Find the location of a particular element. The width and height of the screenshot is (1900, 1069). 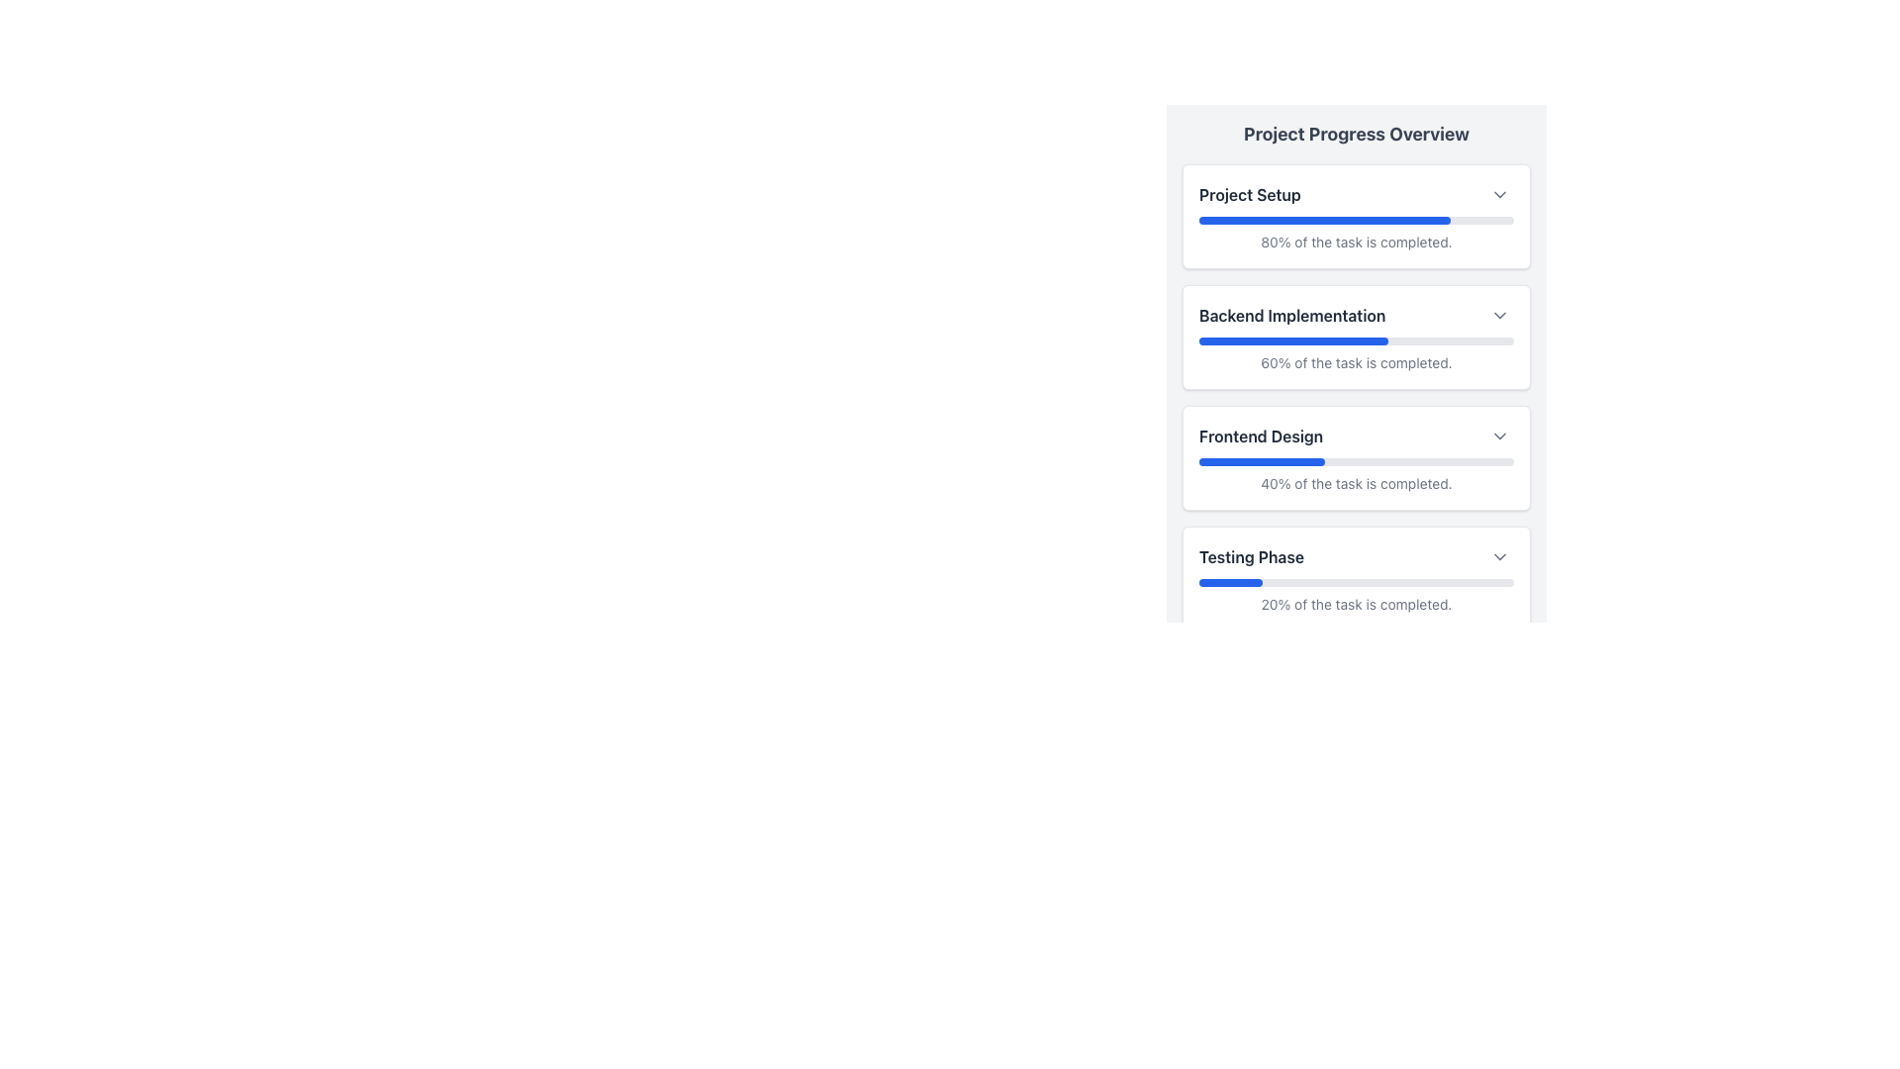

the Text Label that provides a textual progress update for the associated task, located beneath the blue progress bar in the 'Backend Implementation' section is located at coordinates (1356, 362).